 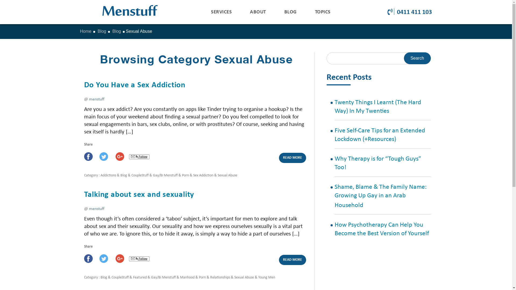 I want to click on 'Search', so click(x=417, y=58).